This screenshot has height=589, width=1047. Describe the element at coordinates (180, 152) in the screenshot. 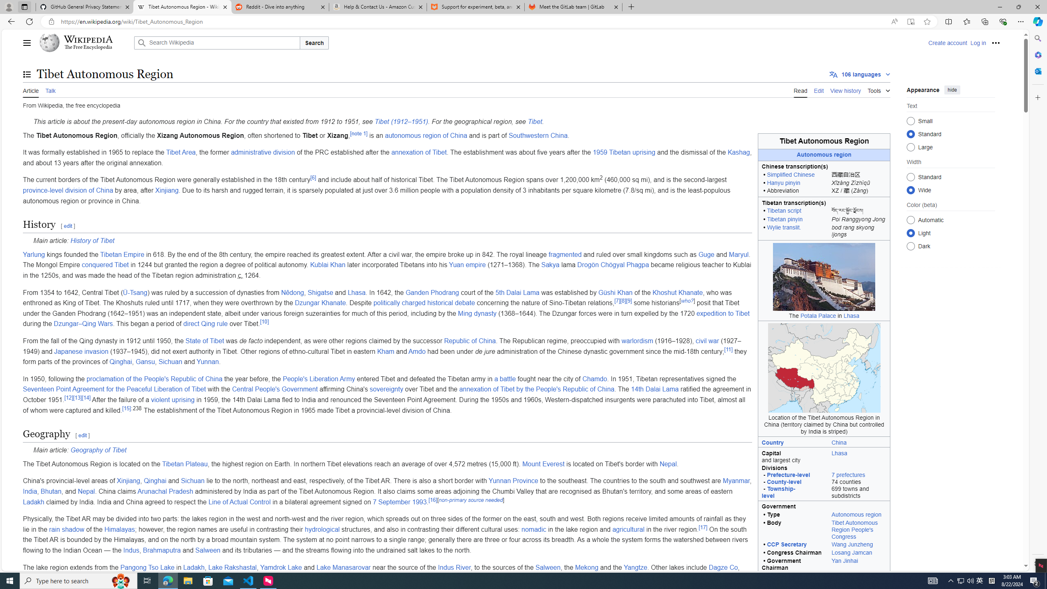

I see `'Tibet Area'` at that location.